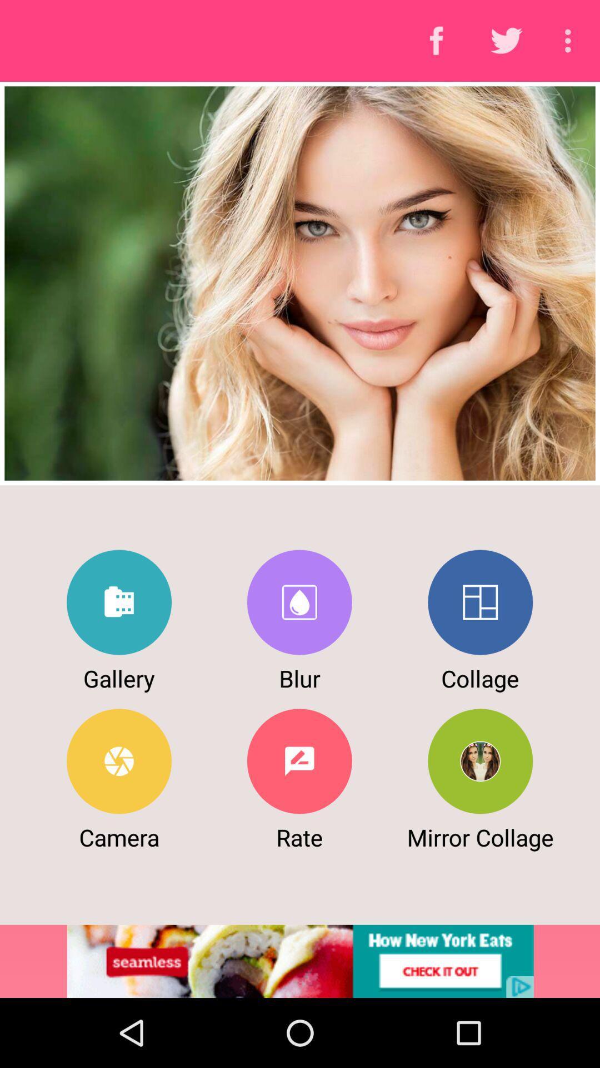 The width and height of the screenshot is (600, 1068). Describe the element at coordinates (300, 961) in the screenshot. I see `open advertisements` at that location.